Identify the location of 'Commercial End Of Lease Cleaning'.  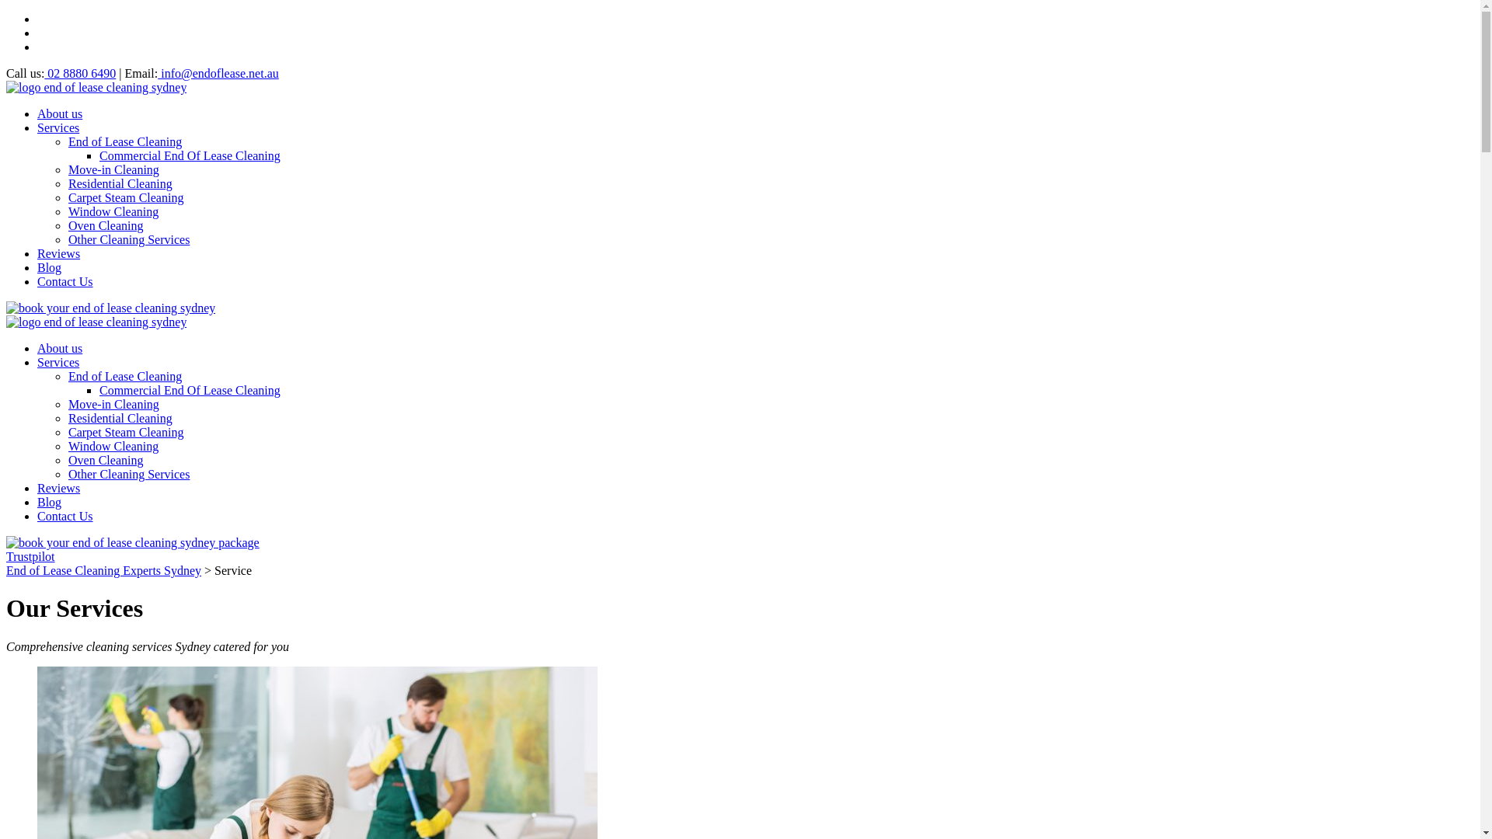
(189, 389).